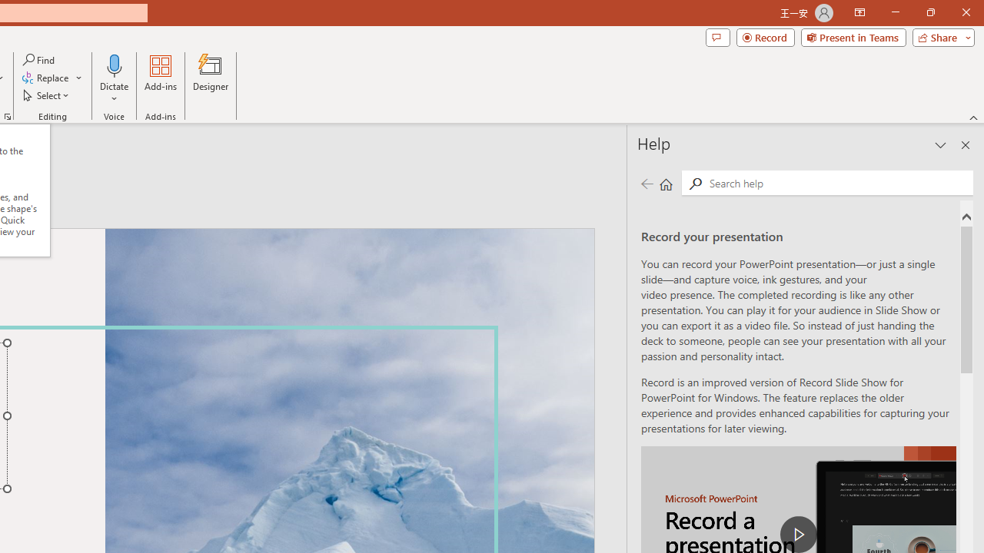  What do you see at coordinates (39, 59) in the screenshot?
I see `'Find...'` at bounding box center [39, 59].